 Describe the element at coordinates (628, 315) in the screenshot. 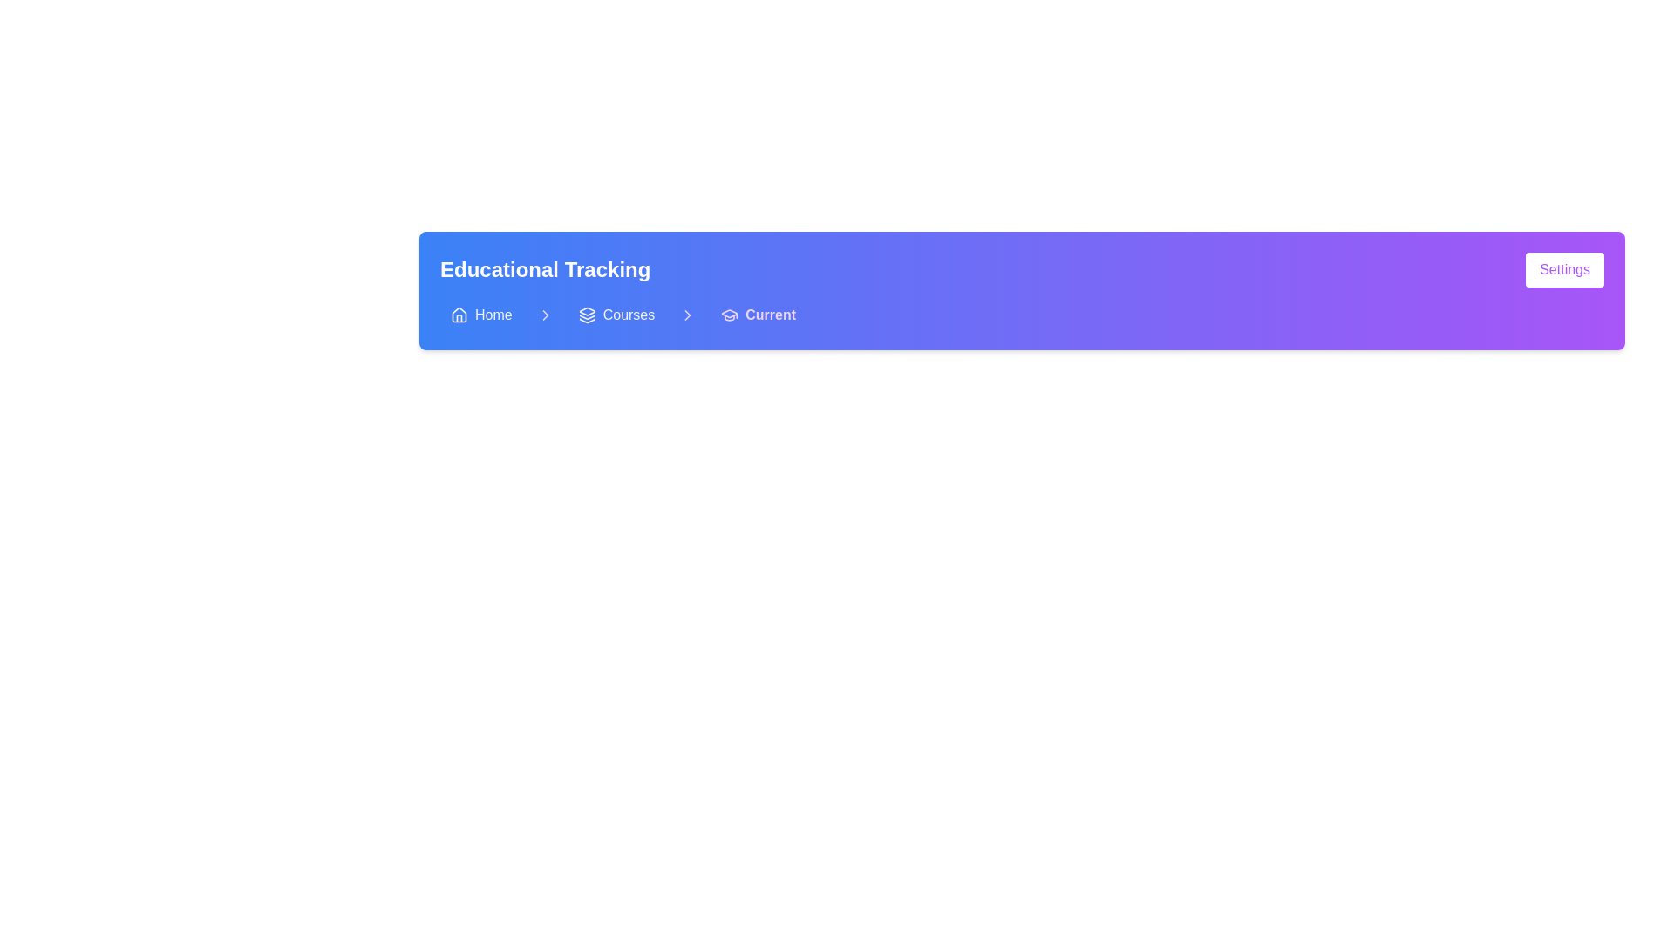

I see `the 'Courses' text label in the breadcrumb navigation` at that location.